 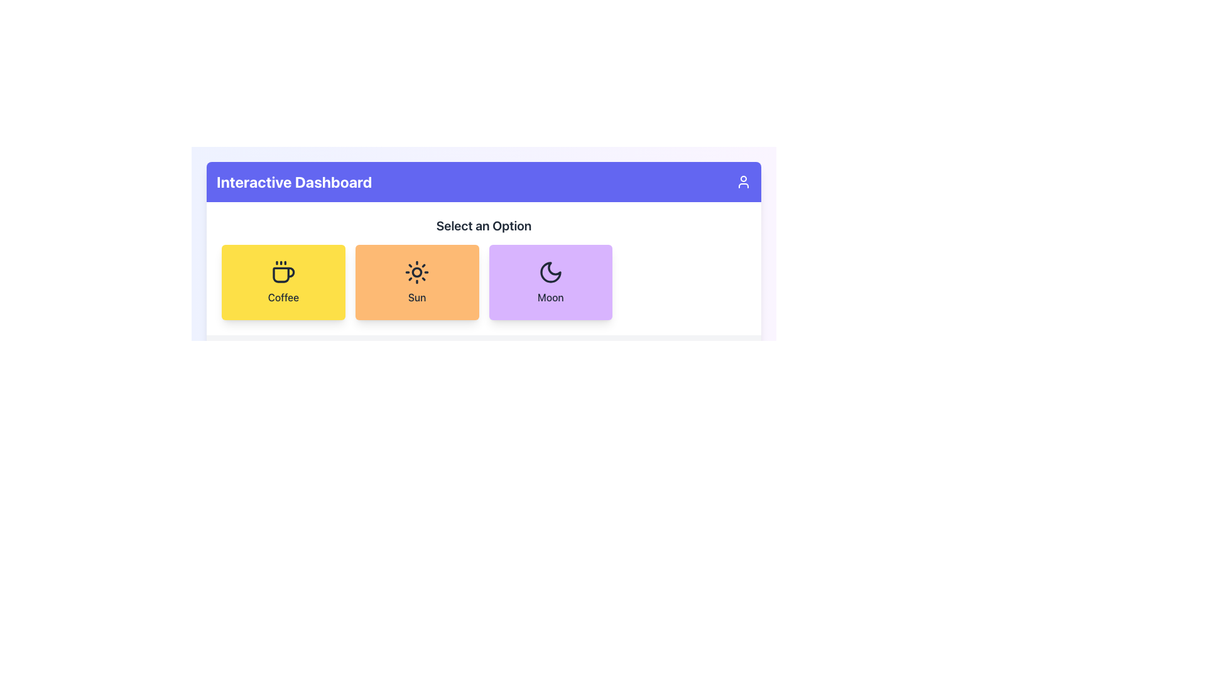 I want to click on the decorative sun symbol icon within the 'Sun' tile, located centrally in the orange tile of the interface's grid, so click(x=417, y=272).